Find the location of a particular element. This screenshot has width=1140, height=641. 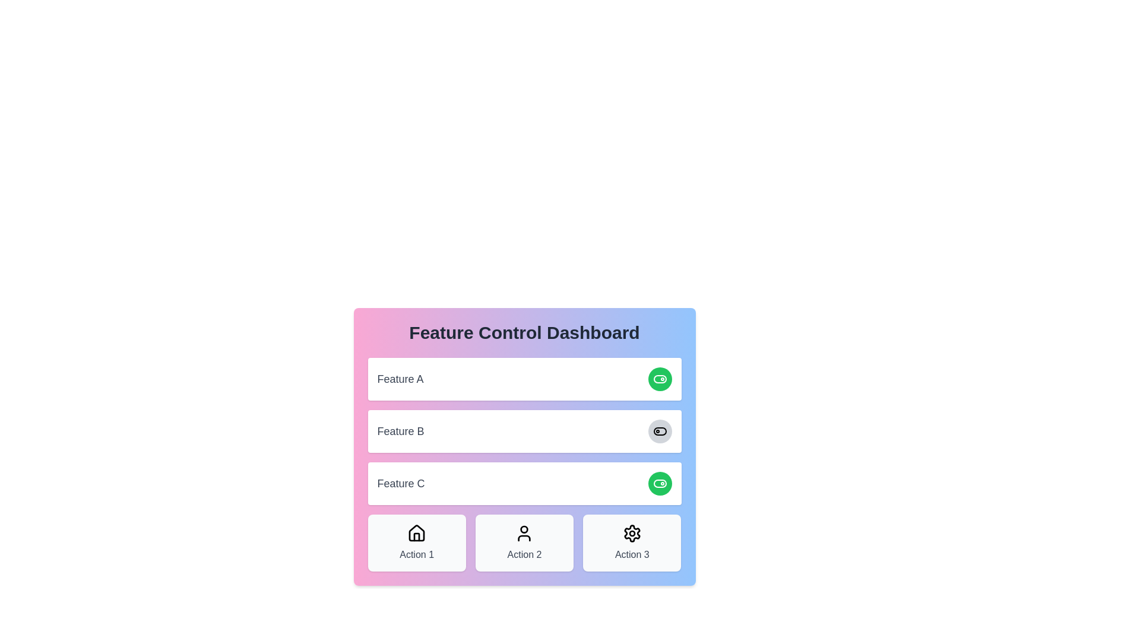

the header text label at the top of the panel with a gradient background, which indicates the primary purpose of the section below is located at coordinates (524, 332).